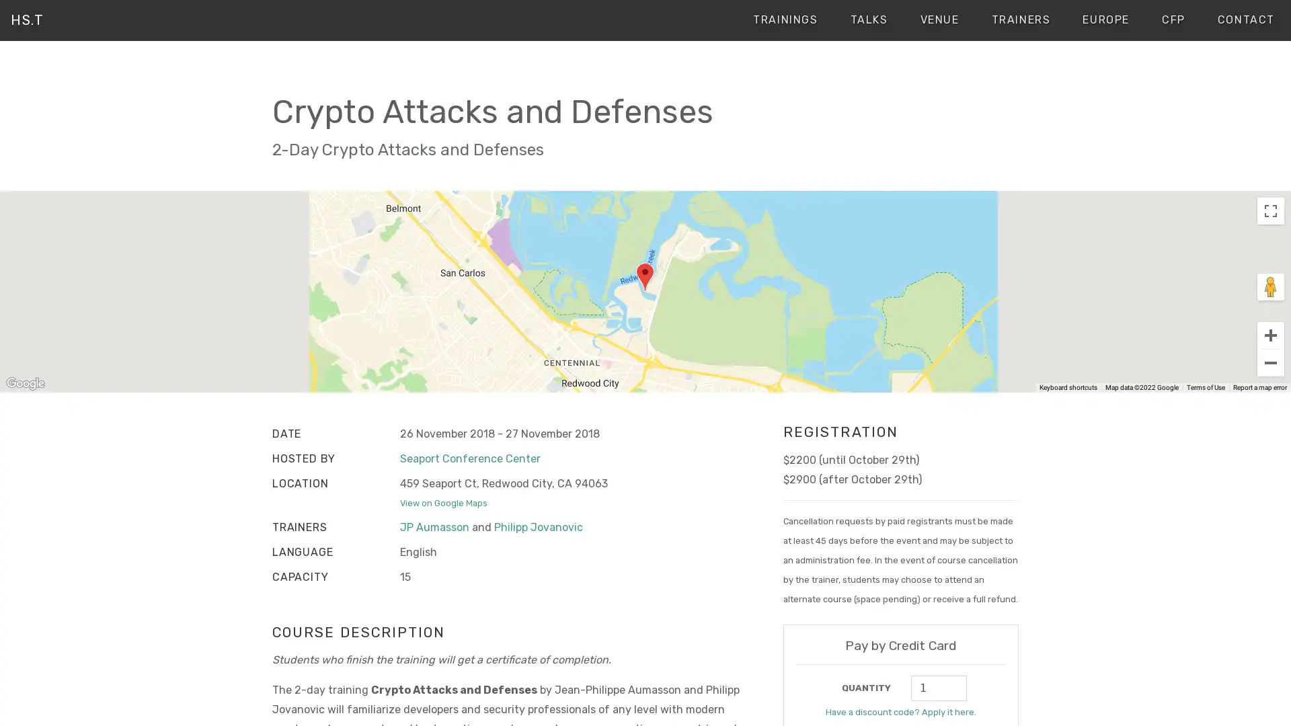 This screenshot has height=726, width=1291. Describe the element at coordinates (1270, 333) in the screenshot. I see `Zoom in` at that location.